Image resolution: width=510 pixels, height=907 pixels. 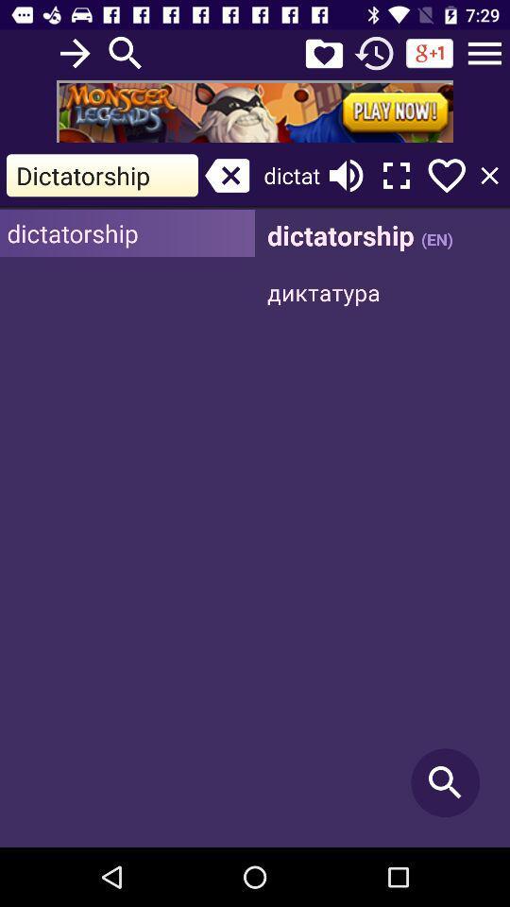 What do you see at coordinates (374, 52) in the screenshot?
I see `go back` at bounding box center [374, 52].